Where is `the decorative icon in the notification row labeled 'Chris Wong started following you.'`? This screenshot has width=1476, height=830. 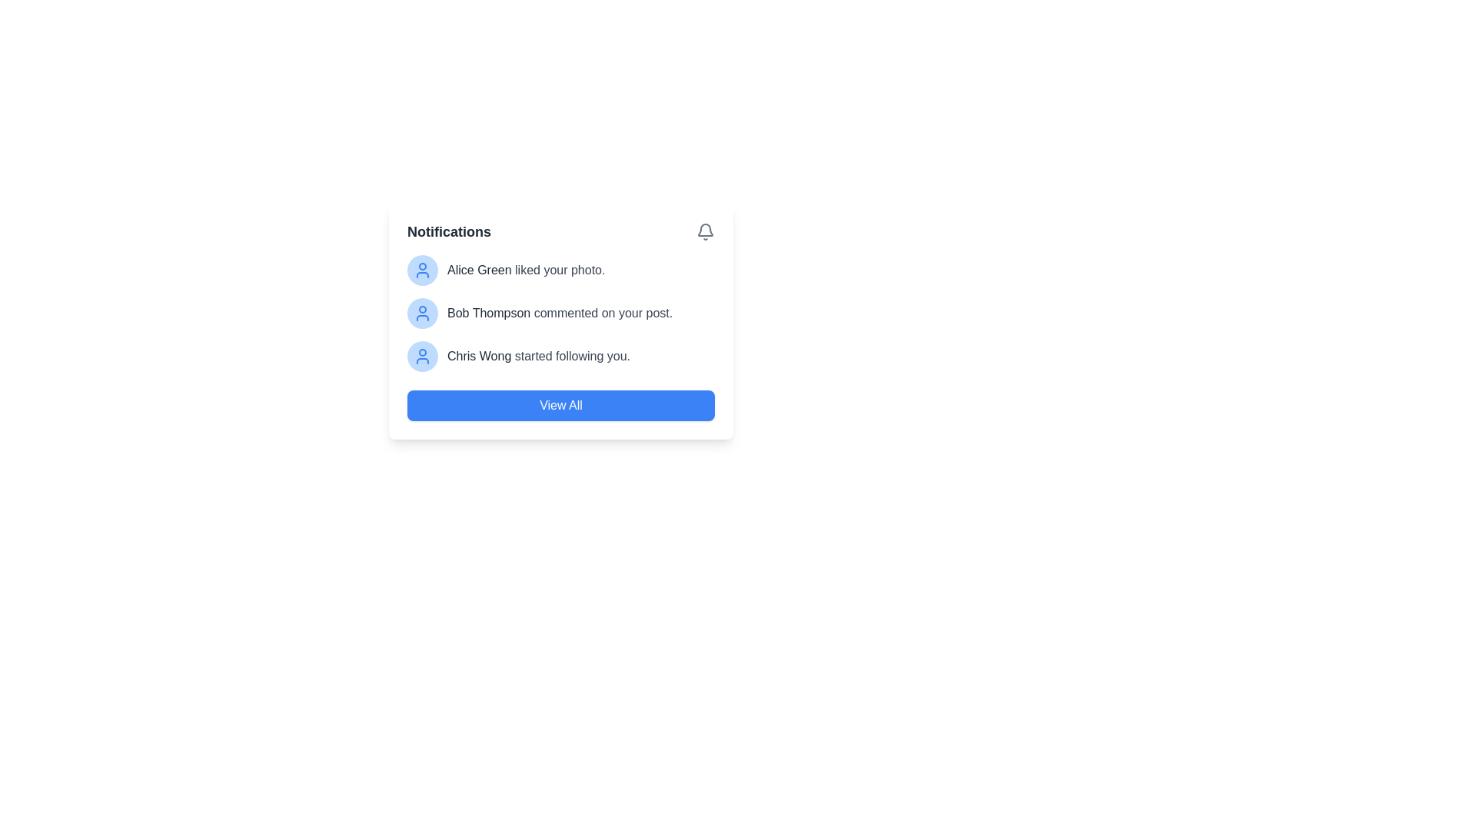 the decorative icon in the notification row labeled 'Chris Wong started following you.' is located at coordinates (423, 356).